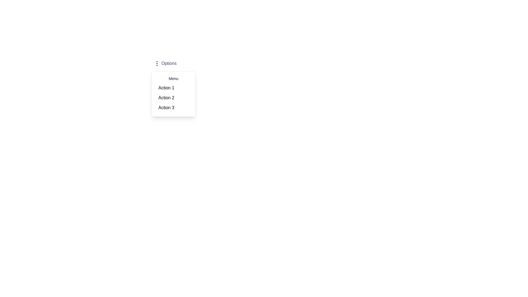 This screenshot has height=297, width=528. Describe the element at coordinates (173, 108) in the screenshot. I see `the button labeled 'Action 3' with a rounded border located at the bottom of a vertical list of options` at that location.